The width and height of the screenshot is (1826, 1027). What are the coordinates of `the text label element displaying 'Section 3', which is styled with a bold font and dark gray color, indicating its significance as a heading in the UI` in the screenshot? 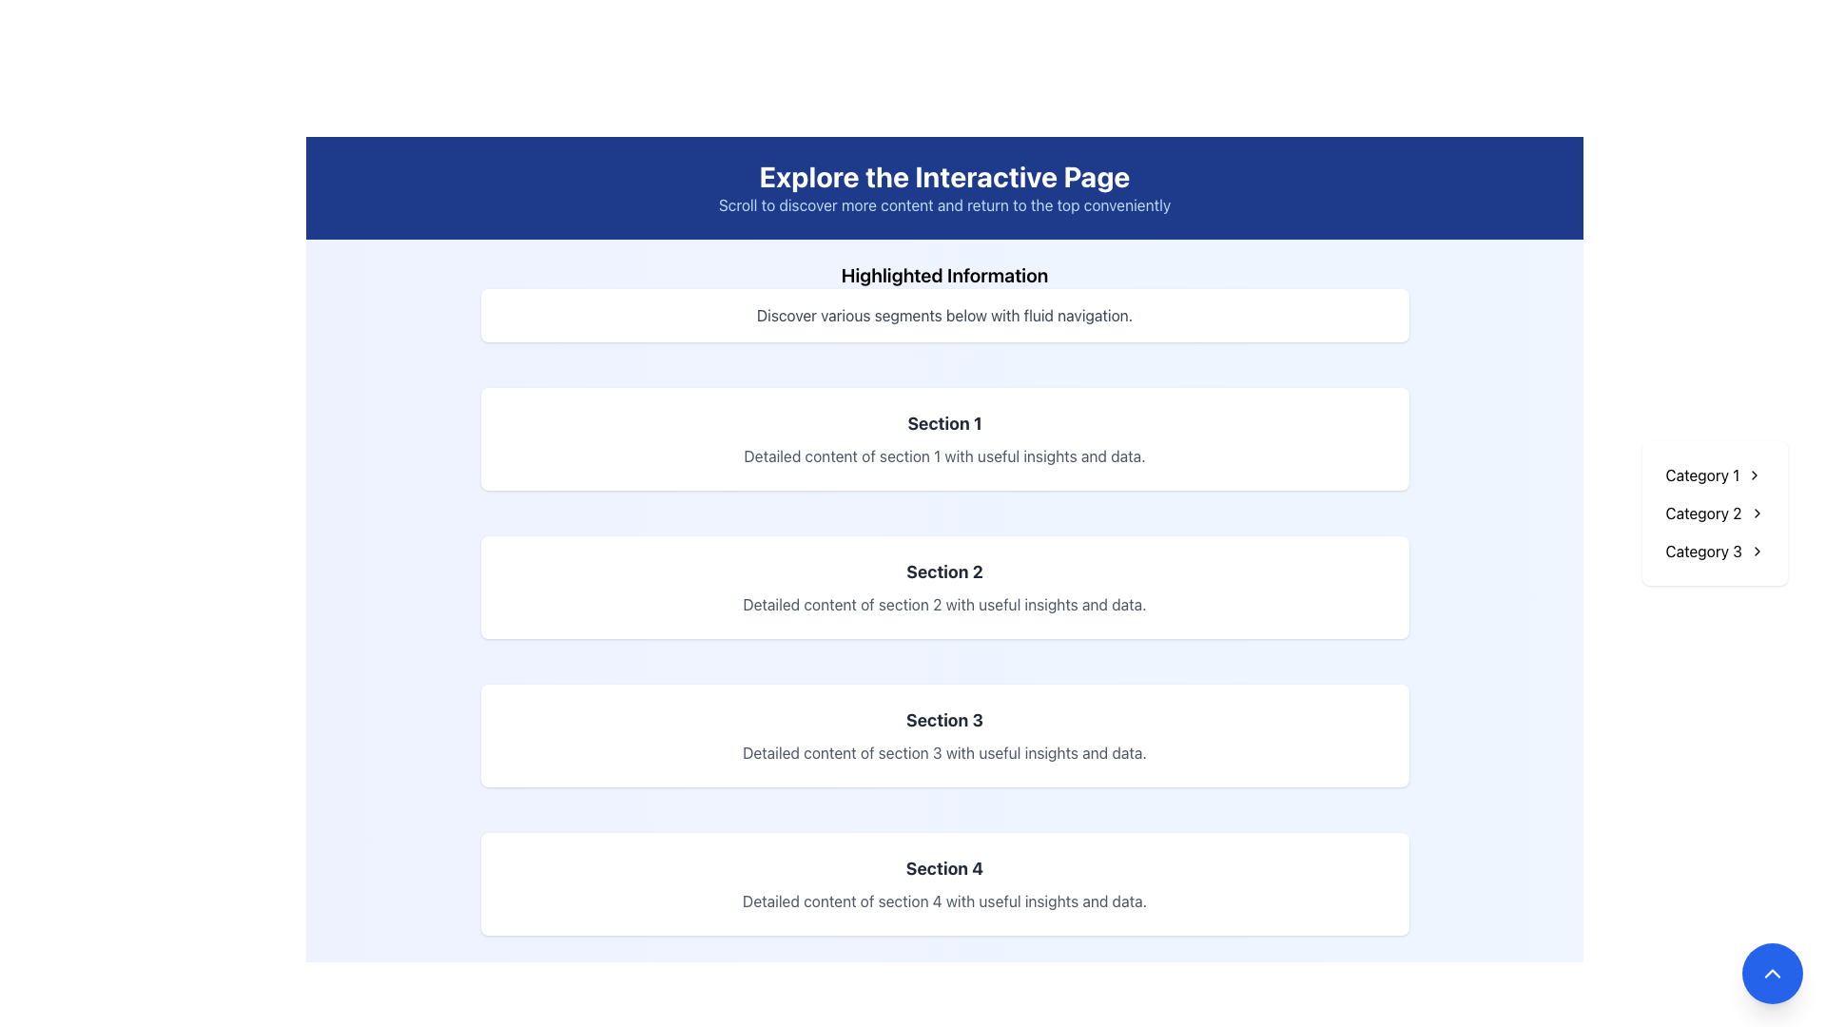 It's located at (944, 721).